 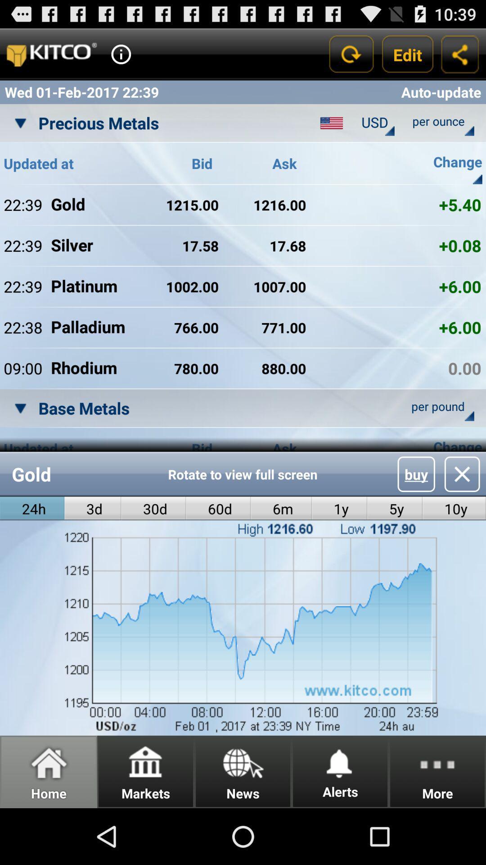 I want to click on info button, so click(x=121, y=54).